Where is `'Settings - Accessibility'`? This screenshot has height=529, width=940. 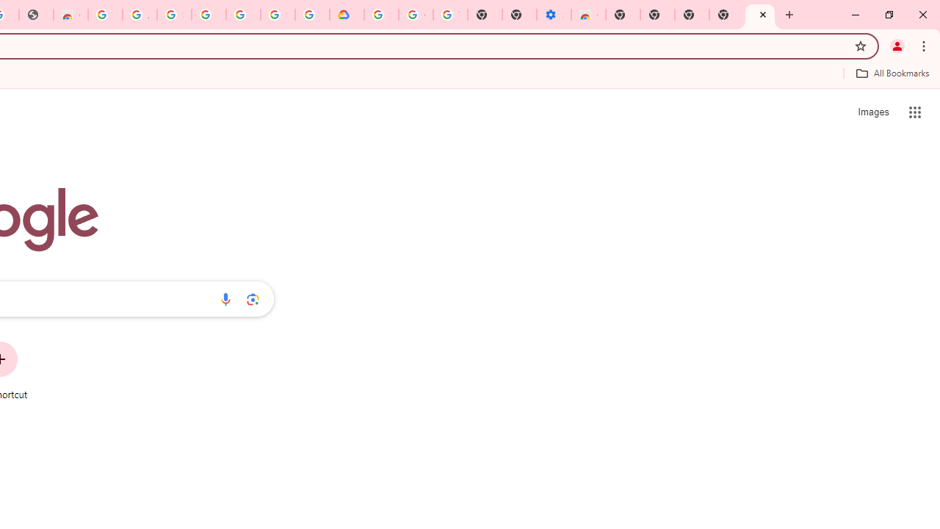
'Settings - Accessibility' is located at coordinates (553, 15).